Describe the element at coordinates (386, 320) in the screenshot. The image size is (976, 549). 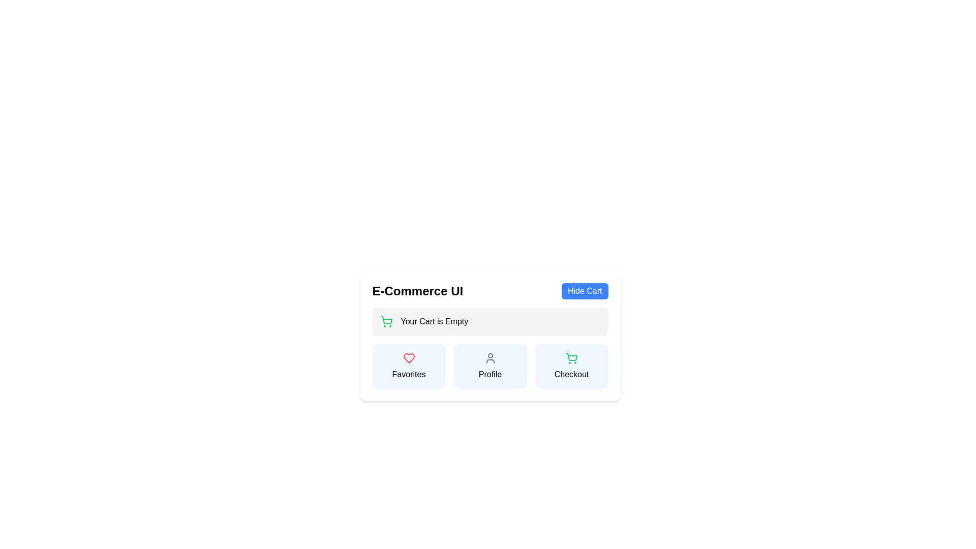
I see `the shopping cart icon in the 'Checkout' section to proceed to the checkout process` at that location.